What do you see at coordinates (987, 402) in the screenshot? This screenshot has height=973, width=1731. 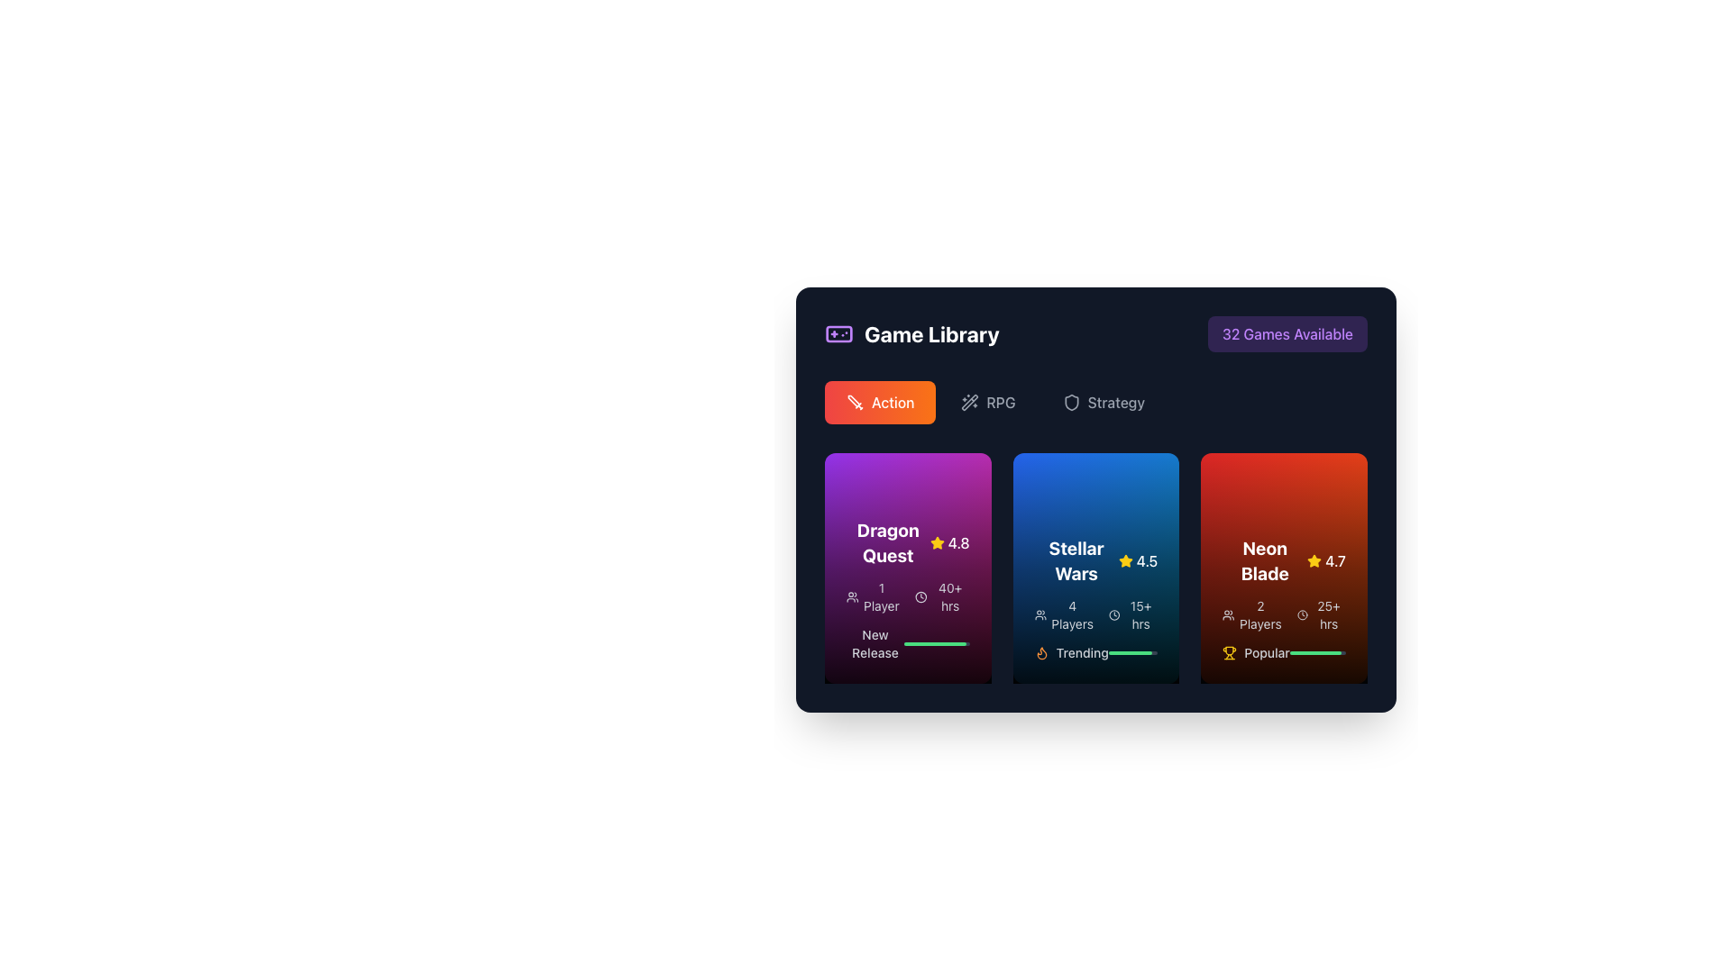 I see `the second interactive button in the header menu labeled 'Game Library'` at bounding box center [987, 402].